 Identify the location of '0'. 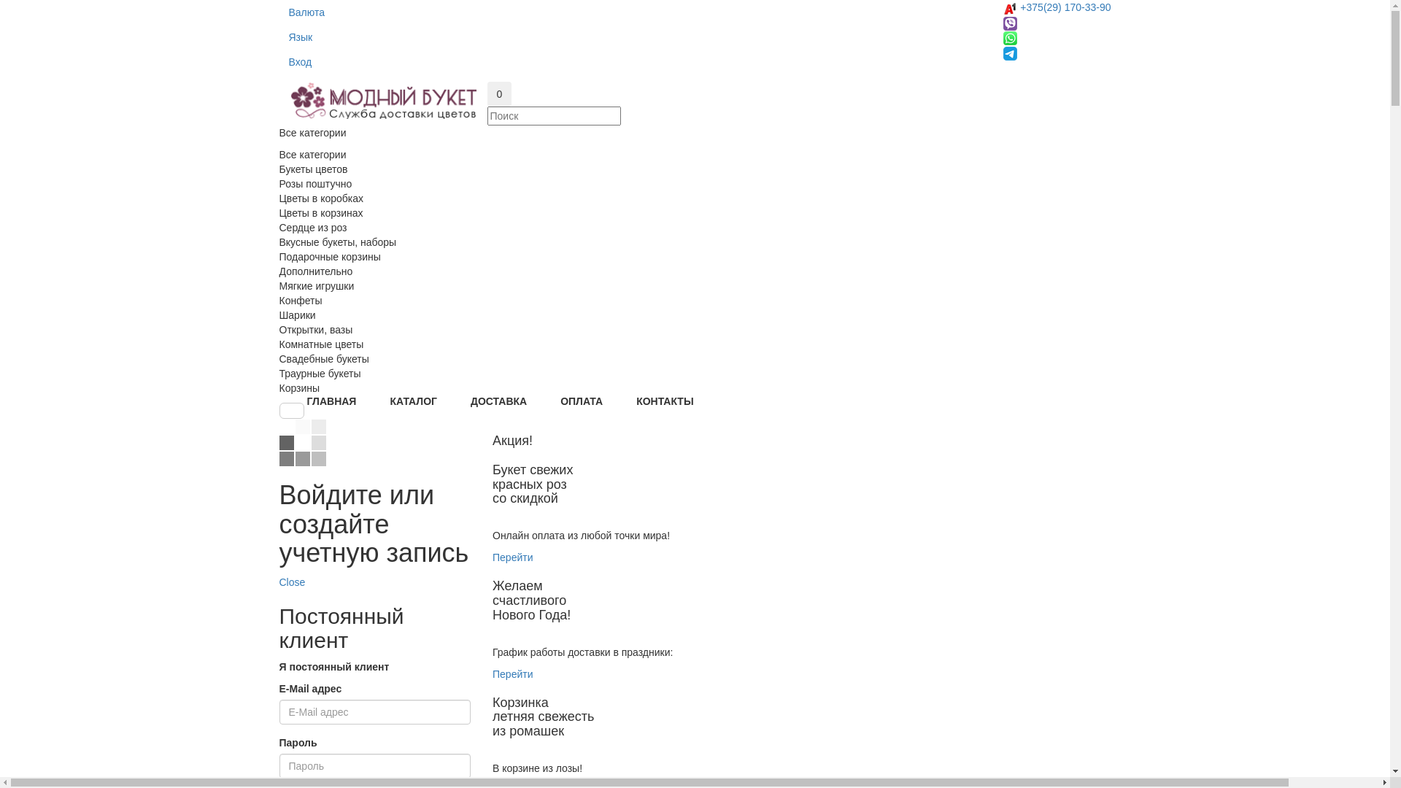
(487, 93).